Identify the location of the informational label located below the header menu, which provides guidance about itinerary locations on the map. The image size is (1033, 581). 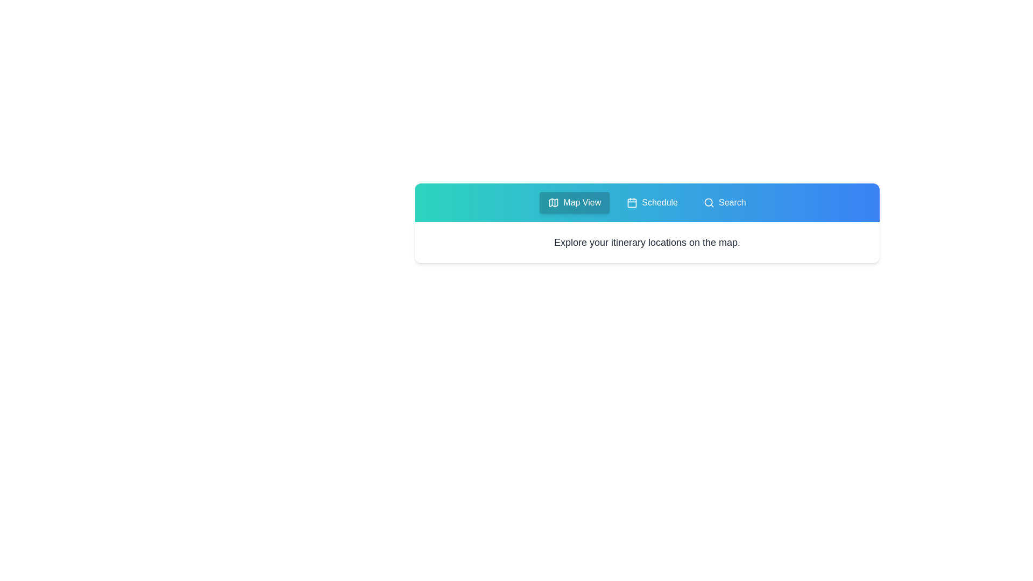
(647, 243).